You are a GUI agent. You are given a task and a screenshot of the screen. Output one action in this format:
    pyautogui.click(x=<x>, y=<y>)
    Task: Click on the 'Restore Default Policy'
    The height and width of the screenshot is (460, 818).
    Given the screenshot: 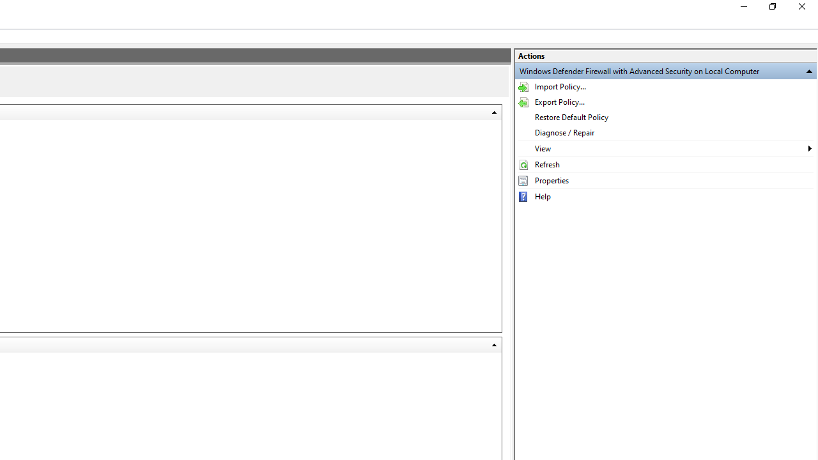 What is the action you would take?
    pyautogui.click(x=665, y=117)
    